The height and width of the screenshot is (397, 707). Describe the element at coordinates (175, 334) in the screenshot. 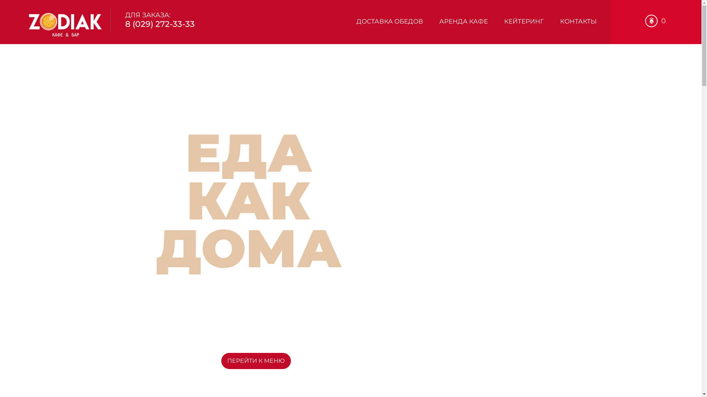

I see `'8 (029) 272-33-33'` at that location.